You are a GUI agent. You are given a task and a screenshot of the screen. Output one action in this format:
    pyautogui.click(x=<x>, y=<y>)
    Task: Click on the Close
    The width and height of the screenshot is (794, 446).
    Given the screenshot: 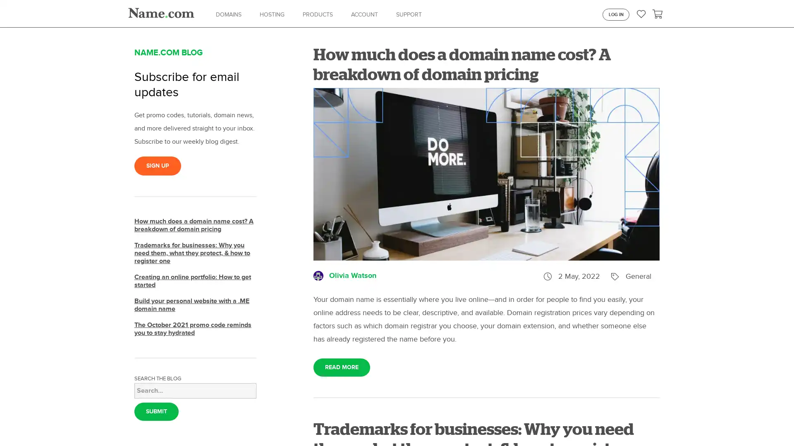 What is the action you would take?
    pyautogui.click(x=780, y=424)
    